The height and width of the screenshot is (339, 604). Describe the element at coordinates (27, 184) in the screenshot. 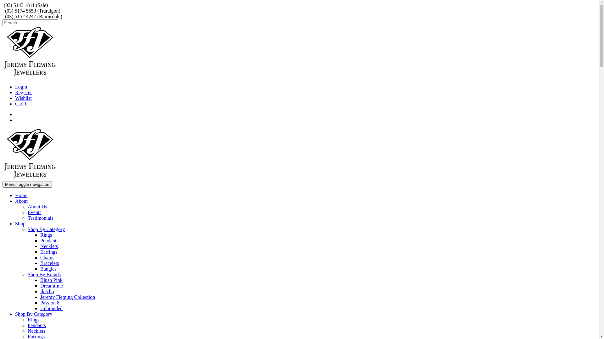

I see `'Menu Toggle navigation'` at that location.